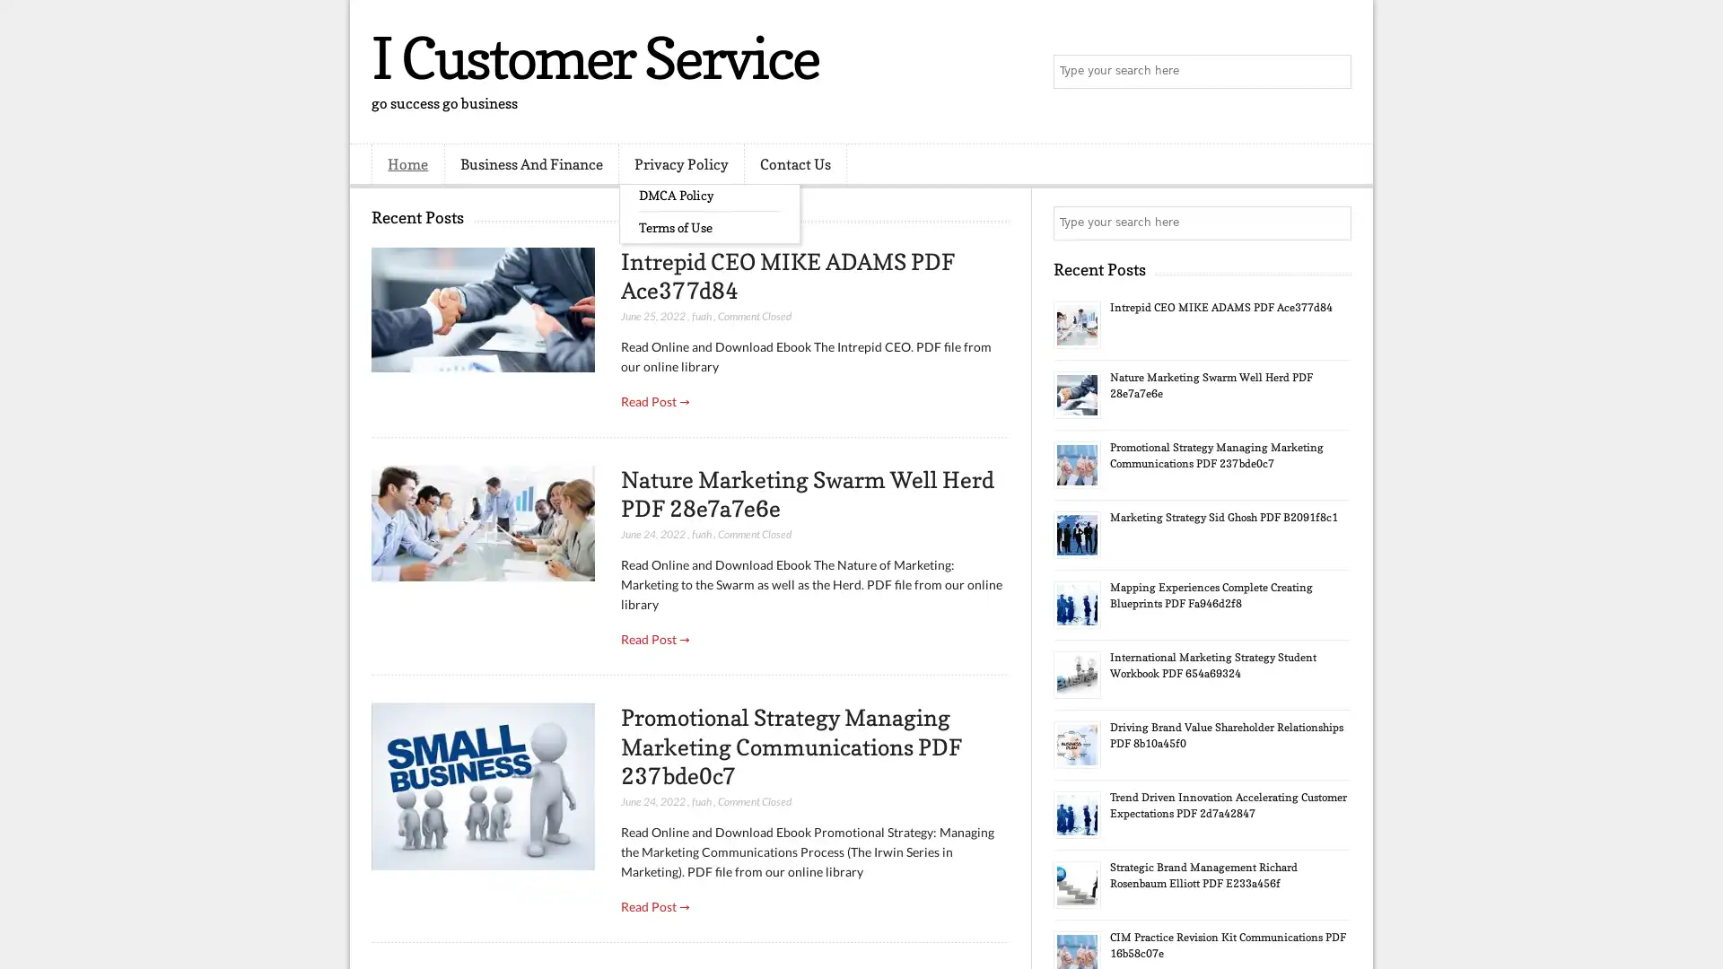  I want to click on Search, so click(1333, 223).